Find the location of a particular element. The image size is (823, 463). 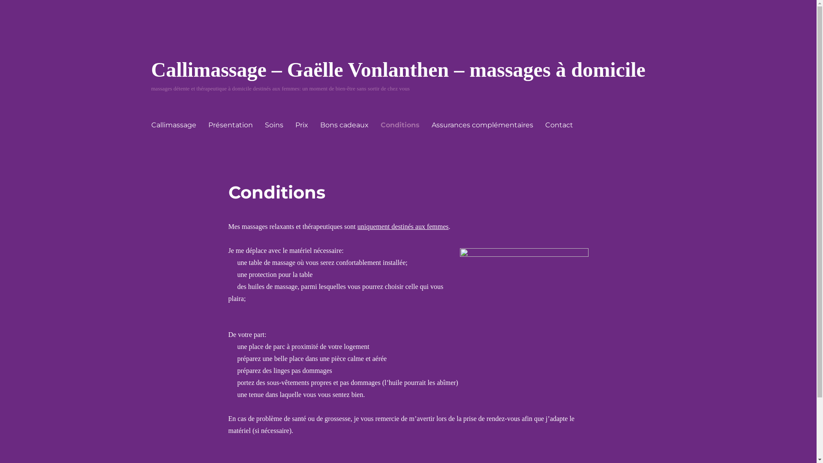

'Prix' is located at coordinates (301, 124).